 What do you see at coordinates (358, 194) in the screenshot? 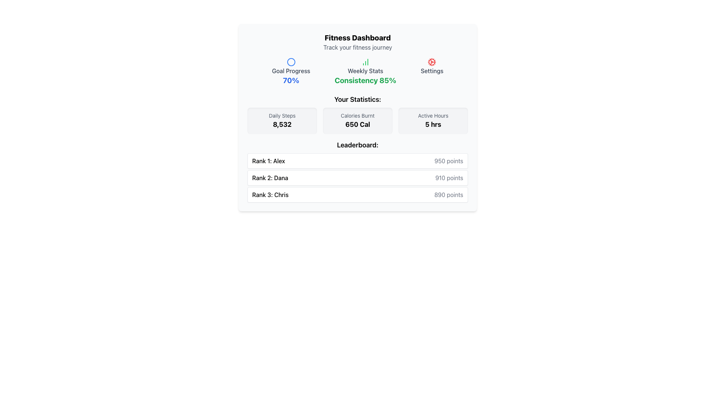
I see `the Textblock displaying 'Rank 3: Chris' with '890 points' in a vertically-aligned list under 'Leaderboard'` at bounding box center [358, 194].